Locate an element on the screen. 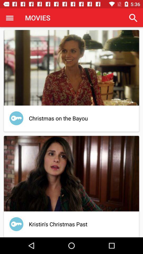 This screenshot has height=254, width=143. the app next to the movies icon is located at coordinates (10, 18).